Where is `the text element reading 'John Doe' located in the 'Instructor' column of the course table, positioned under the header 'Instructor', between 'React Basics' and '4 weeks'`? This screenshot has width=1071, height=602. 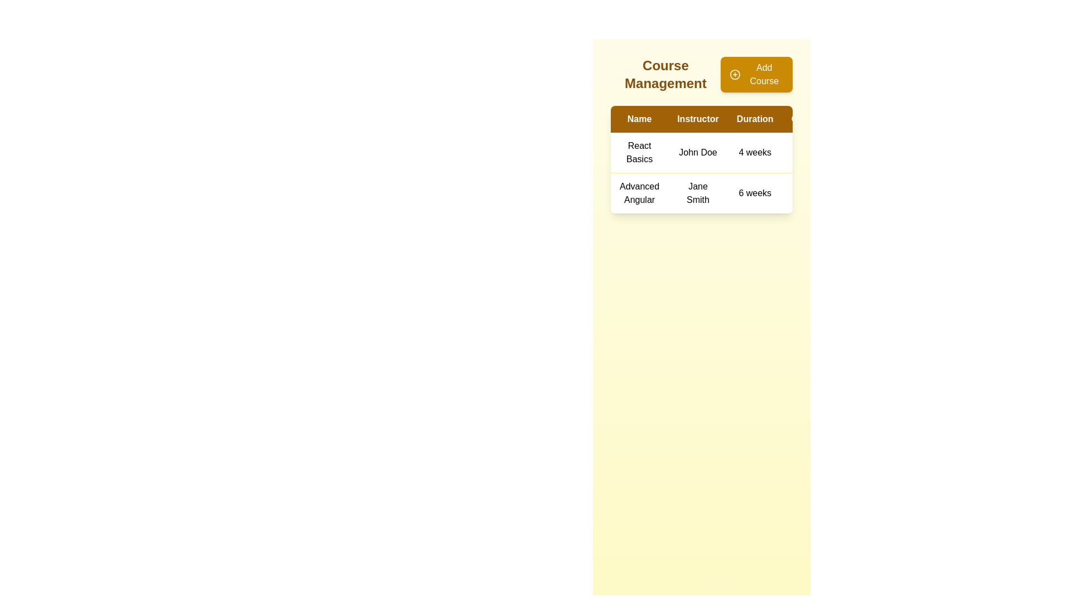 the text element reading 'John Doe' located in the 'Instructor' column of the course table, positioned under the header 'Instructor', between 'React Basics' and '4 weeks' is located at coordinates (697, 153).